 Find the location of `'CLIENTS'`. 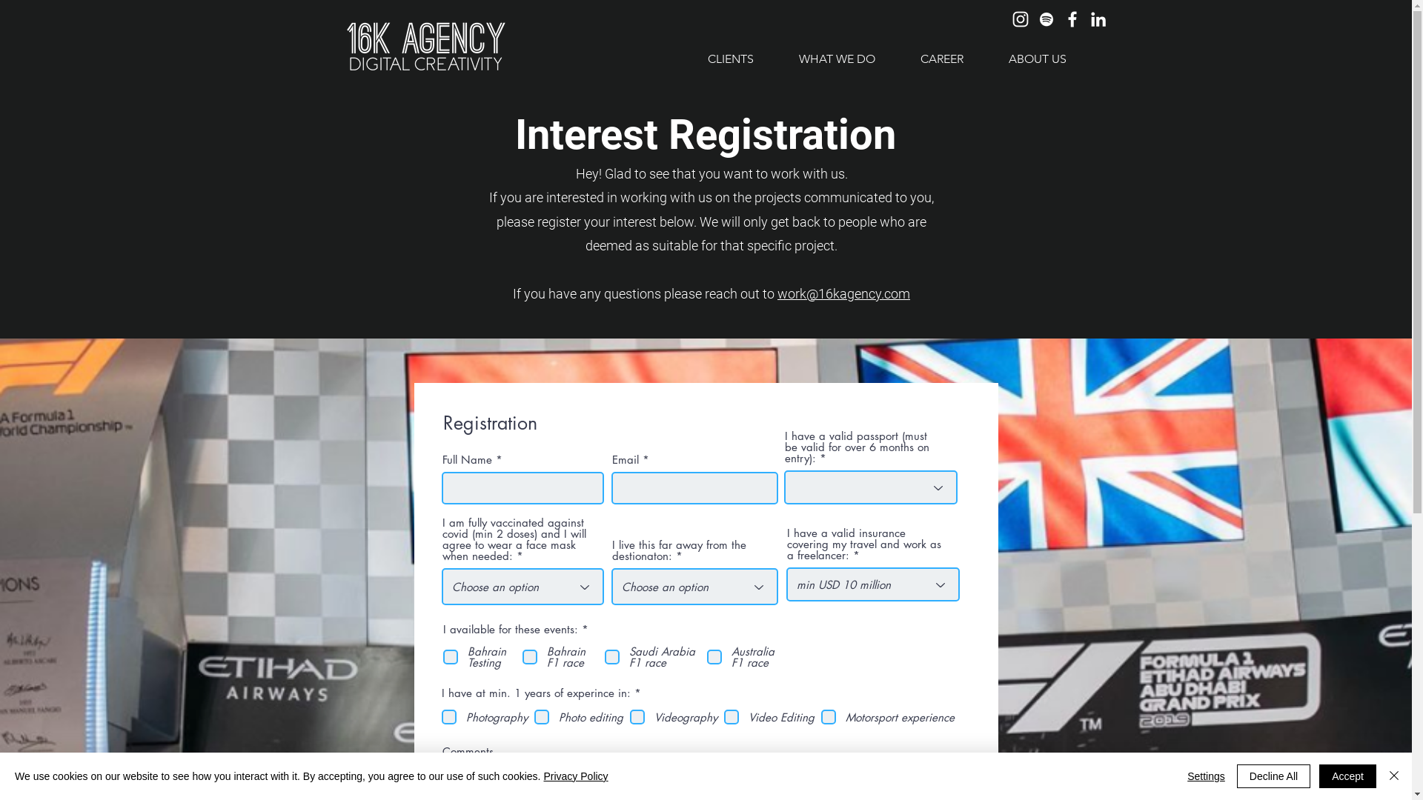

'CLIENTS' is located at coordinates (729, 58).